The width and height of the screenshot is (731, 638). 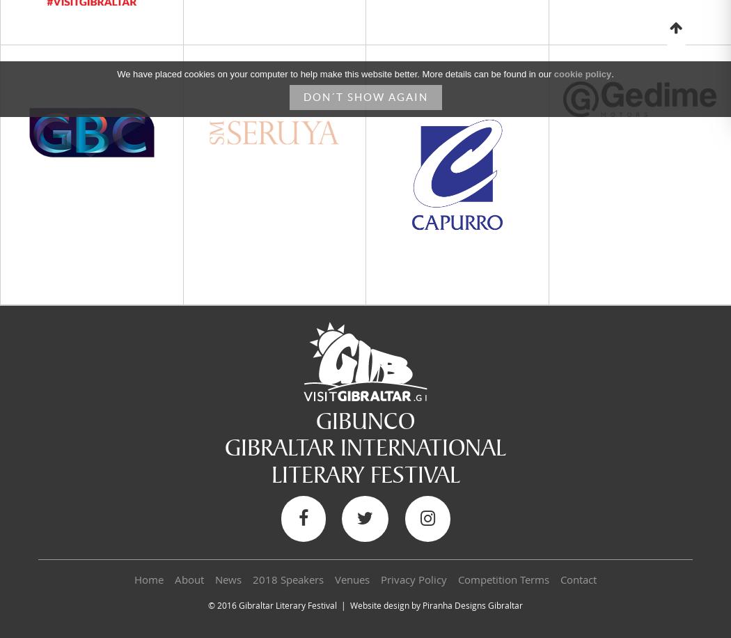 I want to click on 'Competition Terms', so click(x=503, y=579).